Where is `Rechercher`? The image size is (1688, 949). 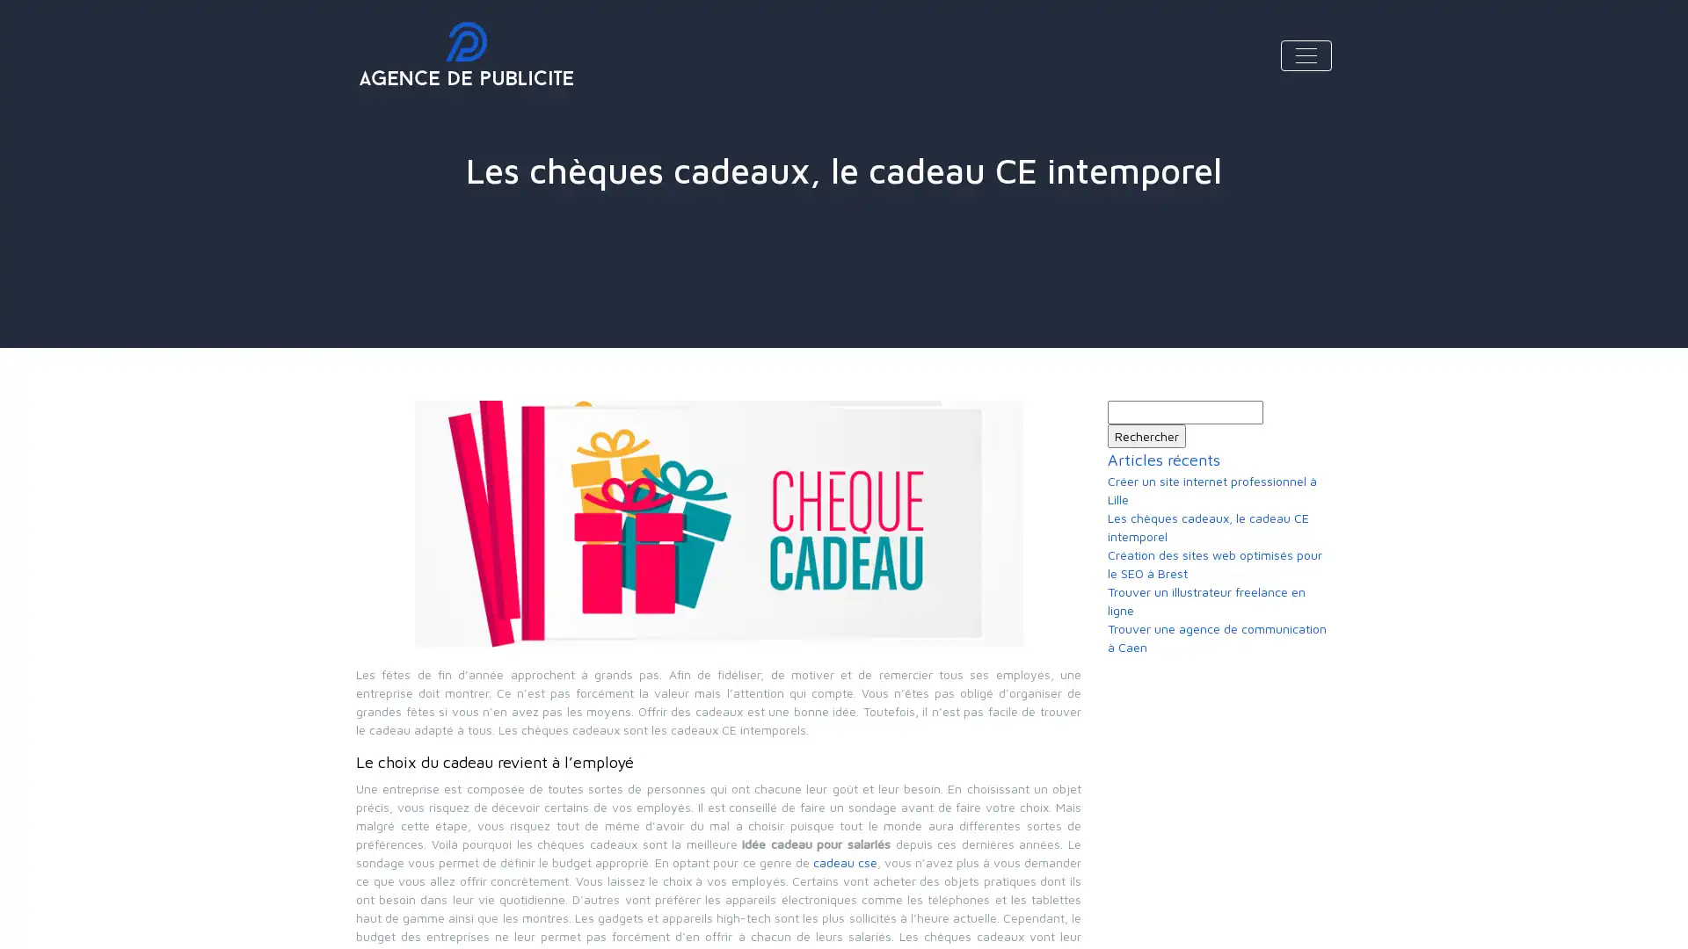 Rechercher is located at coordinates (1146, 435).